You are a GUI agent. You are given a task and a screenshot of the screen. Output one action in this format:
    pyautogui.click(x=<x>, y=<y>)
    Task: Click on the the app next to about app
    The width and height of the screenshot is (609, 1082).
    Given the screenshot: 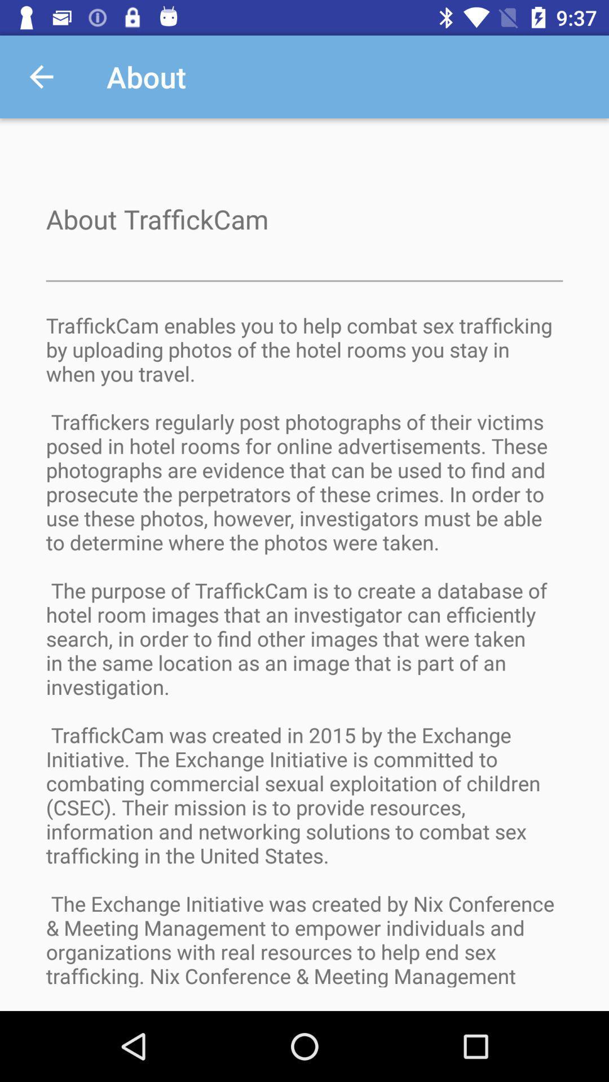 What is the action you would take?
    pyautogui.click(x=41, y=76)
    